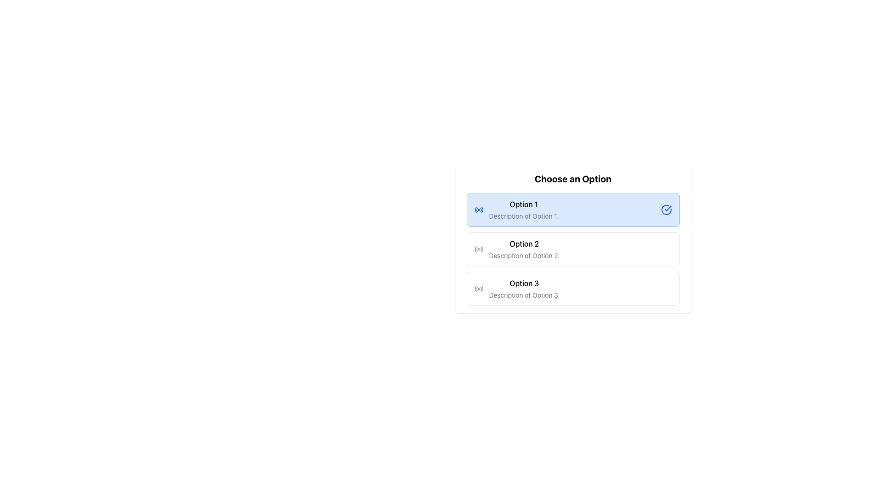  What do you see at coordinates (666, 209) in the screenshot?
I see `the blue circular icon with a check mark inside, located to the far right of the 'Choose an Option' section, next to 'Option 1 Description of Option 1.'` at bounding box center [666, 209].